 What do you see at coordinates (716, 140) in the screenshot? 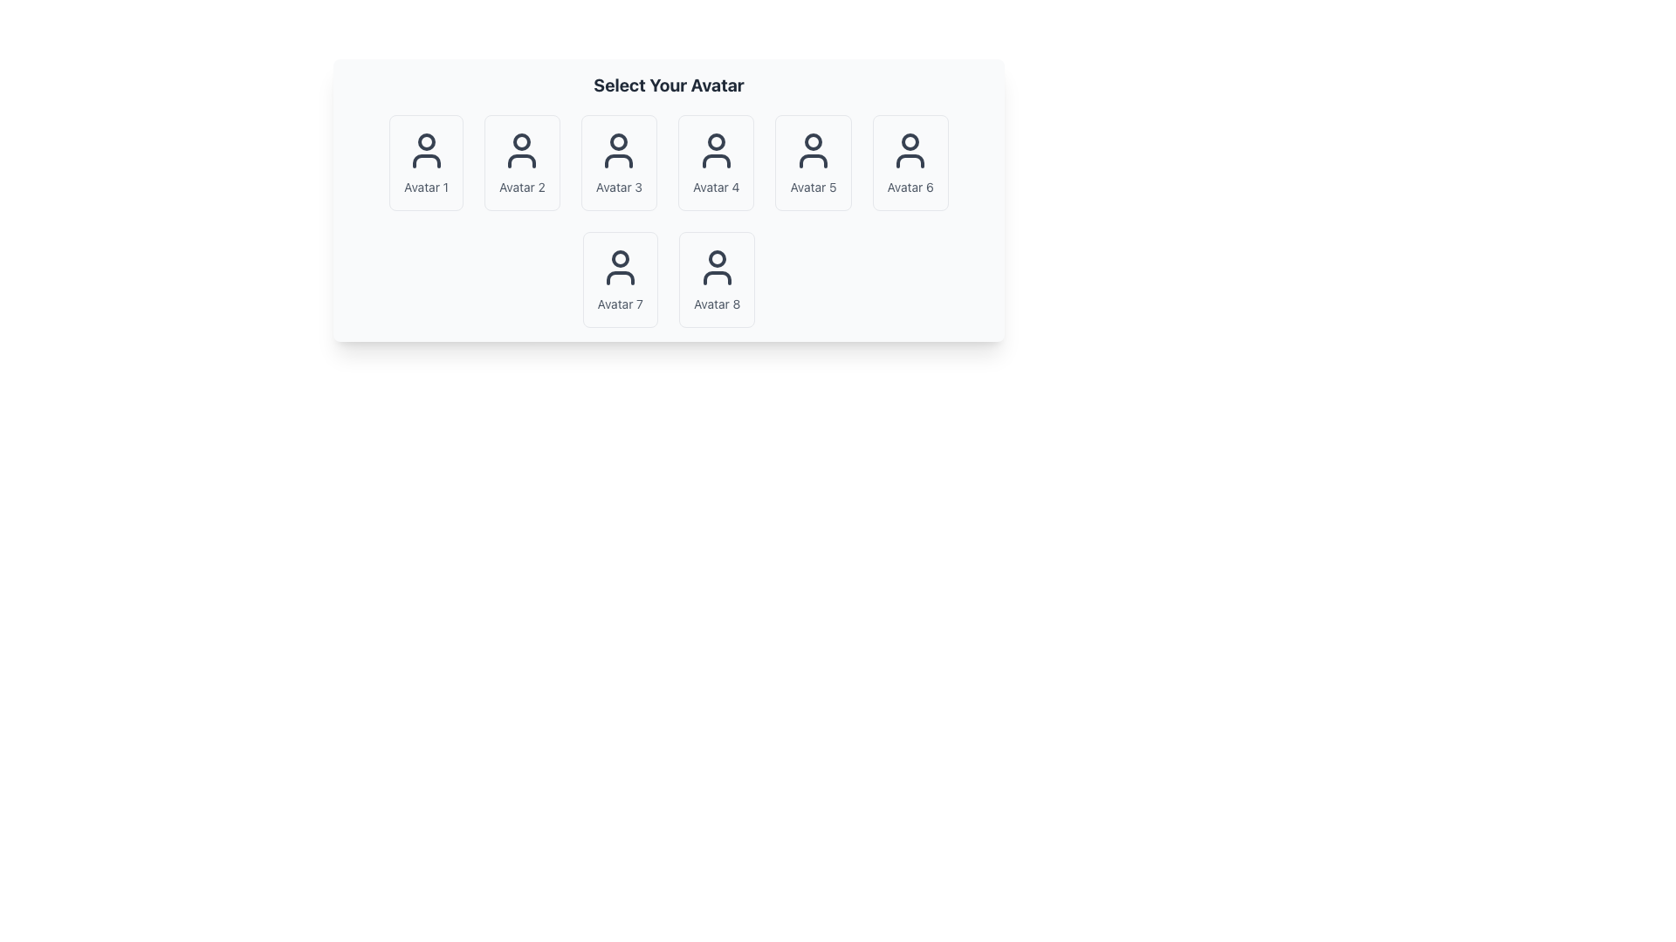
I see `the decorative SVG circle component representing the head of the 'Avatar 4' icon located in the top-center section of the fourth avatar in the avatar grid` at bounding box center [716, 140].